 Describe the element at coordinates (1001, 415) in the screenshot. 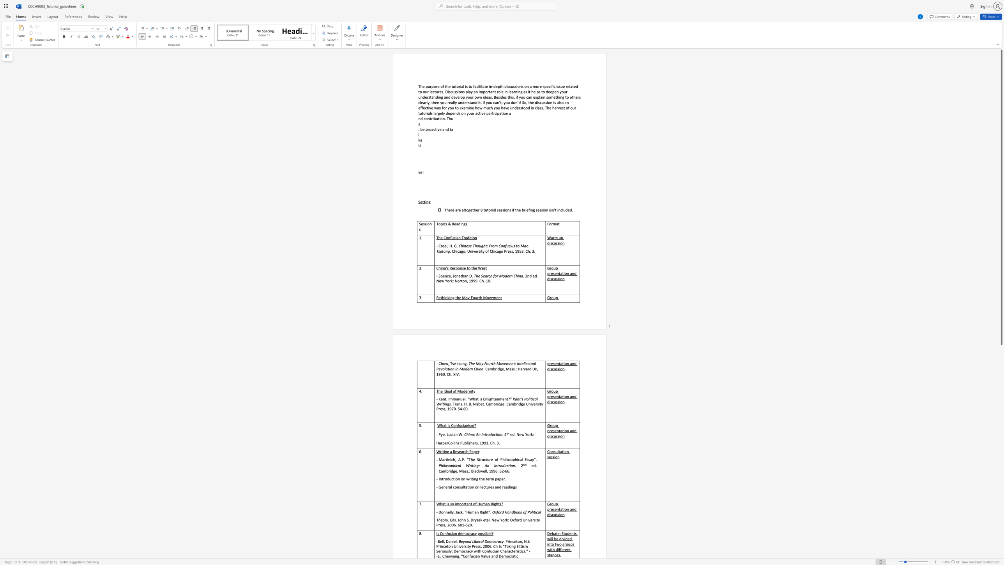

I see `the scrollbar to scroll the page down` at that location.